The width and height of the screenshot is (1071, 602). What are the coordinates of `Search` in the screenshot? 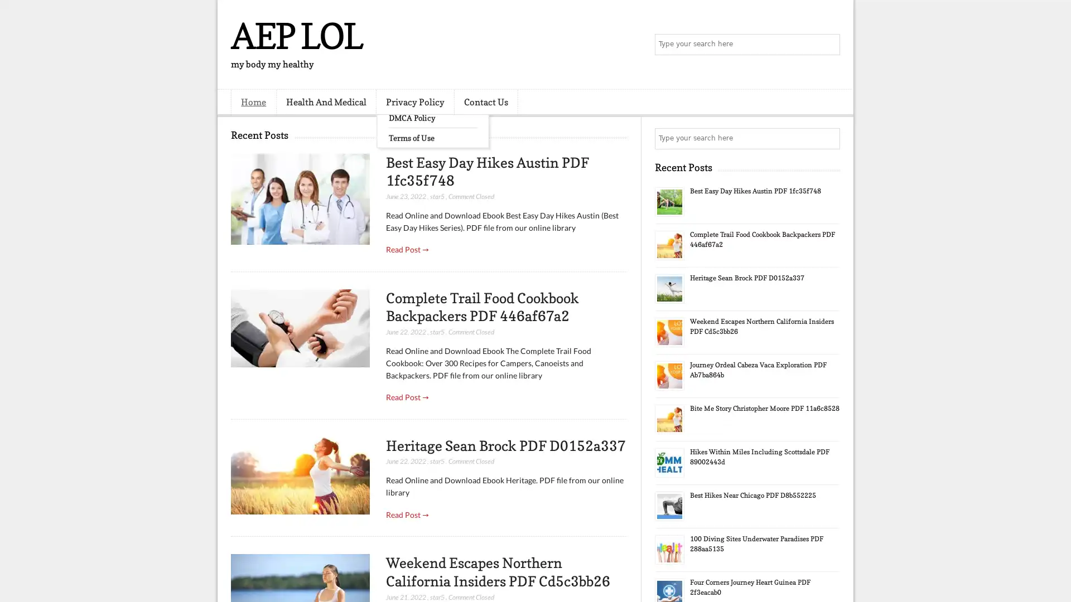 It's located at (828, 138).